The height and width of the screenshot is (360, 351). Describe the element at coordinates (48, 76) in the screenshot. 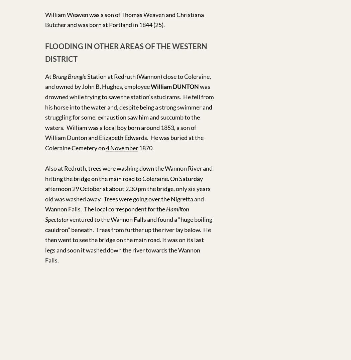

I see `'At'` at that location.